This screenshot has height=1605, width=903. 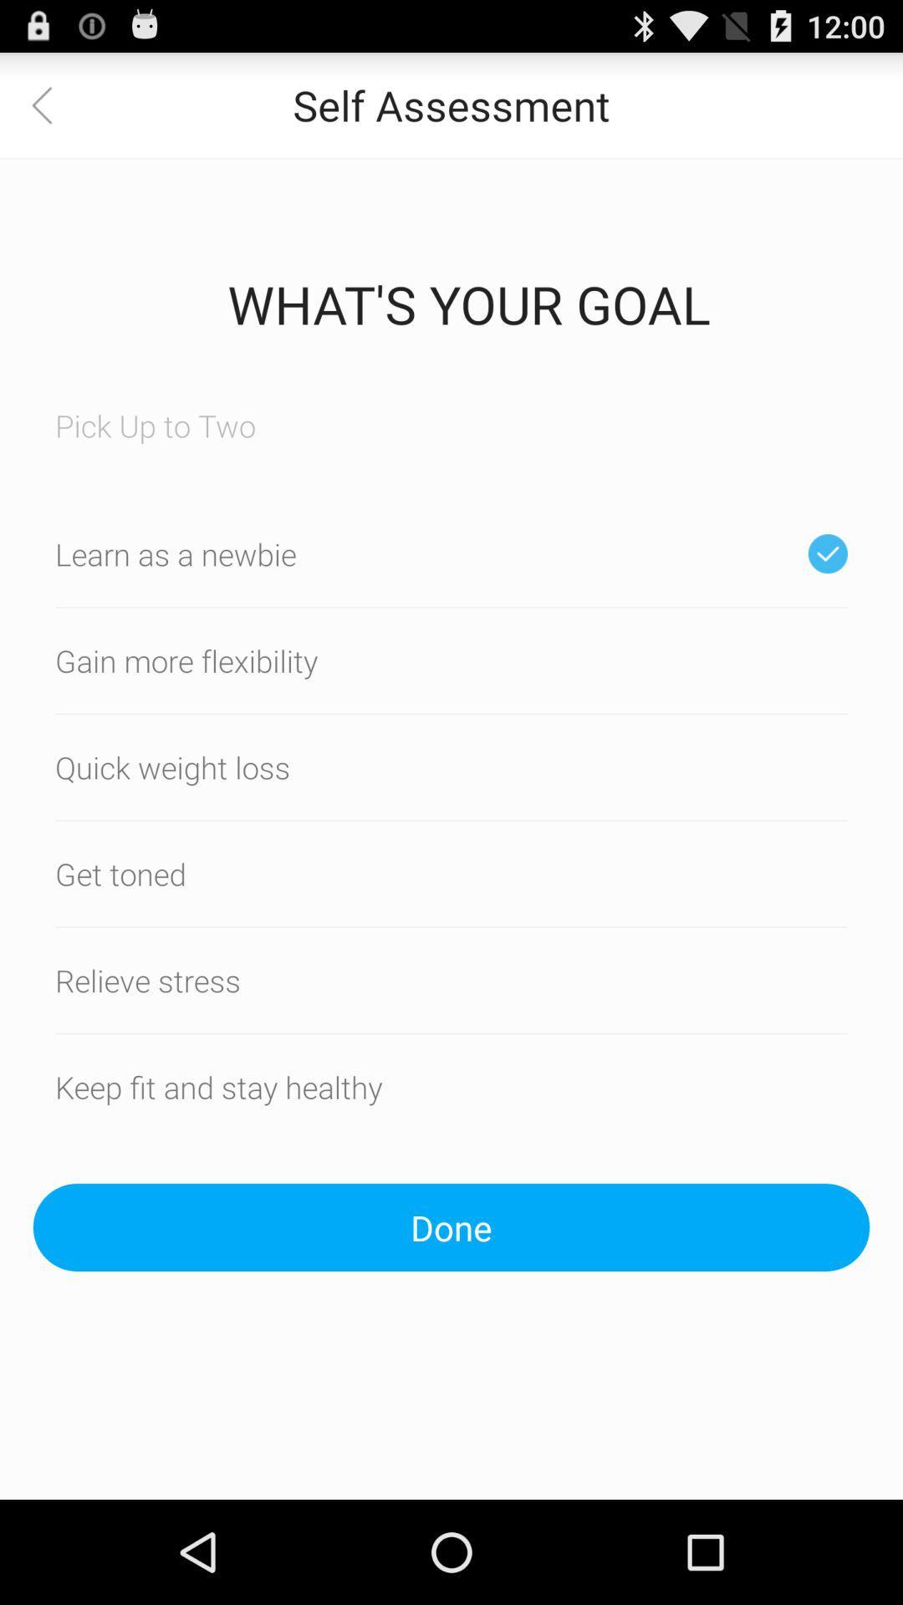 What do you see at coordinates (51, 104) in the screenshot?
I see `app to the left of self assessment` at bounding box center [51, 104].